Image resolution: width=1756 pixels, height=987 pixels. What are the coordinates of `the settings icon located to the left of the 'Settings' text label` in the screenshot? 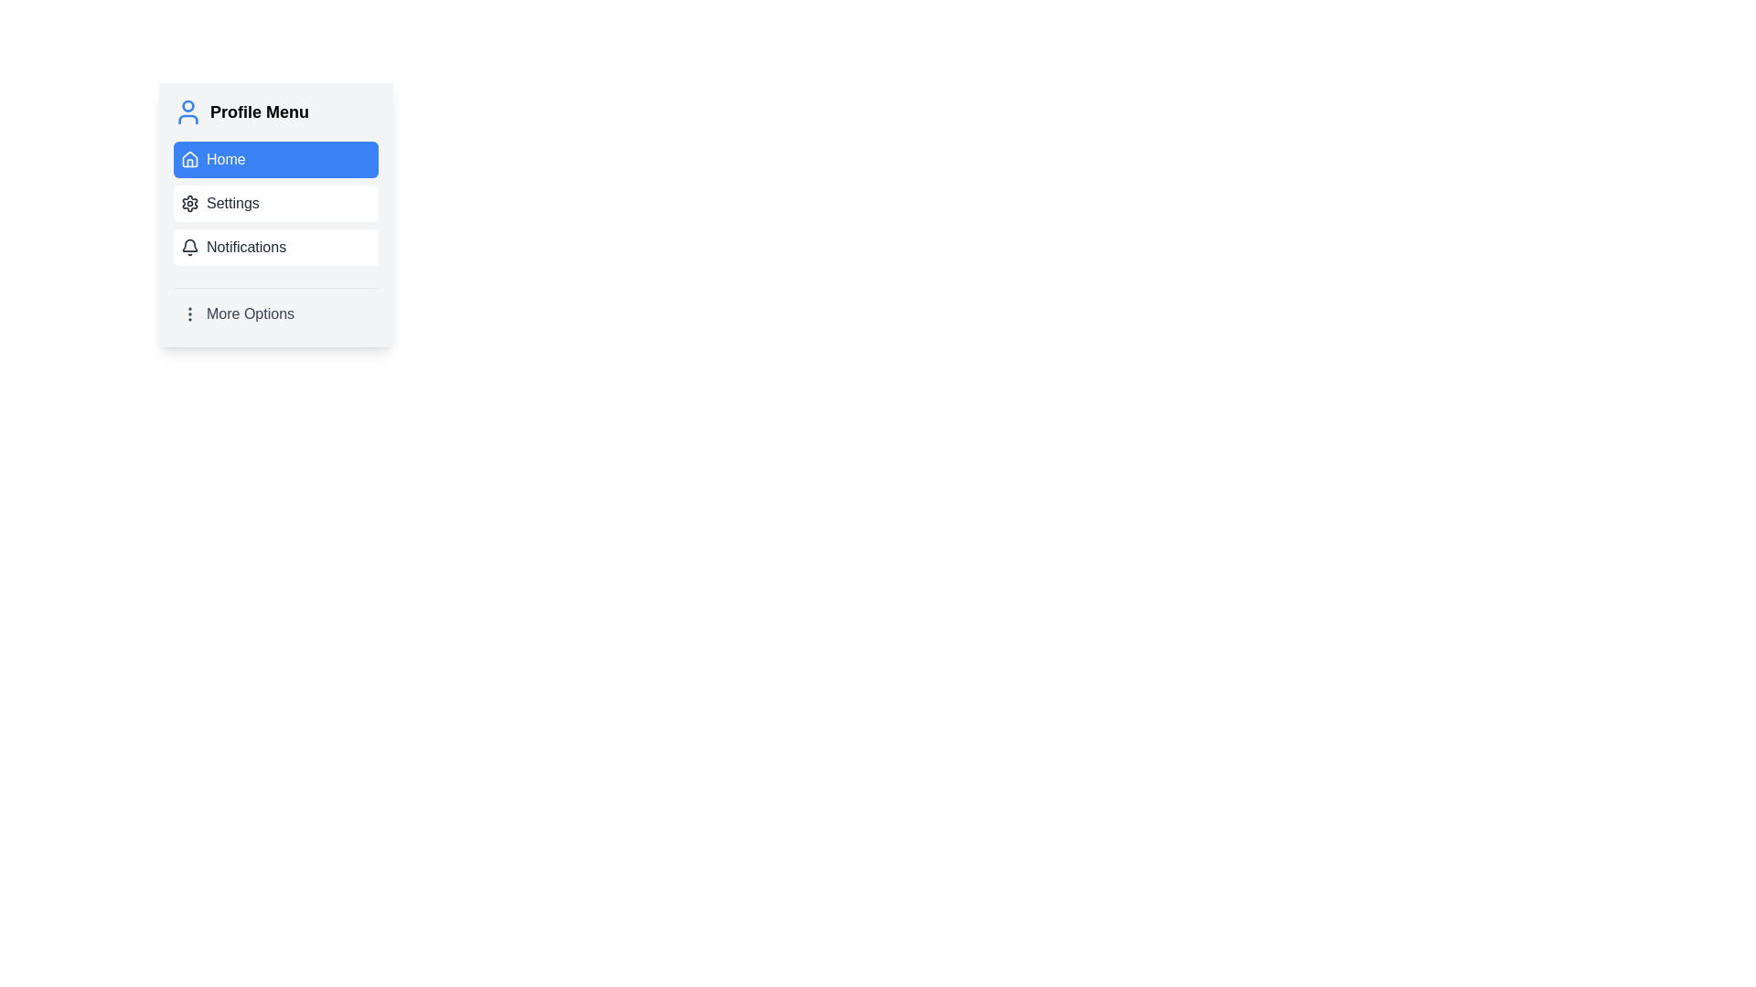 It's located at (189, 204).